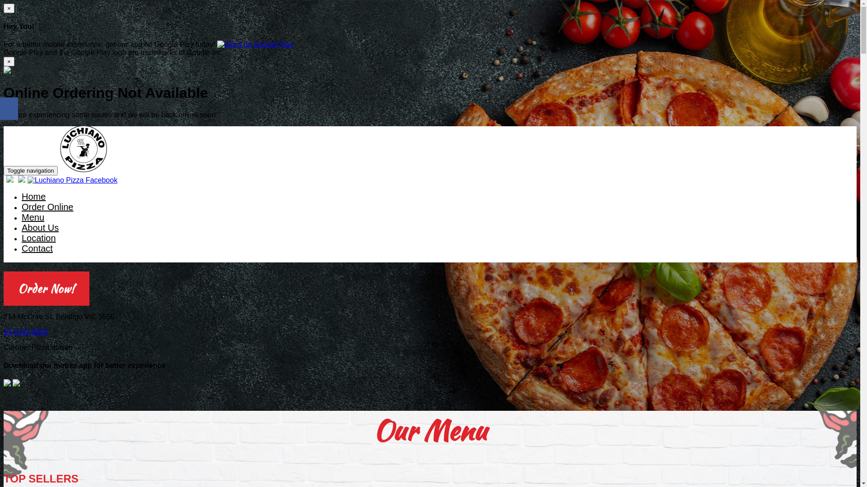 Image resolution: width=867 pixels, height=487 pixels. What do you see at coordinates (26, 332) in the screenshot?
I see `'03 5443 8800'` at bounding box center [26, 332].